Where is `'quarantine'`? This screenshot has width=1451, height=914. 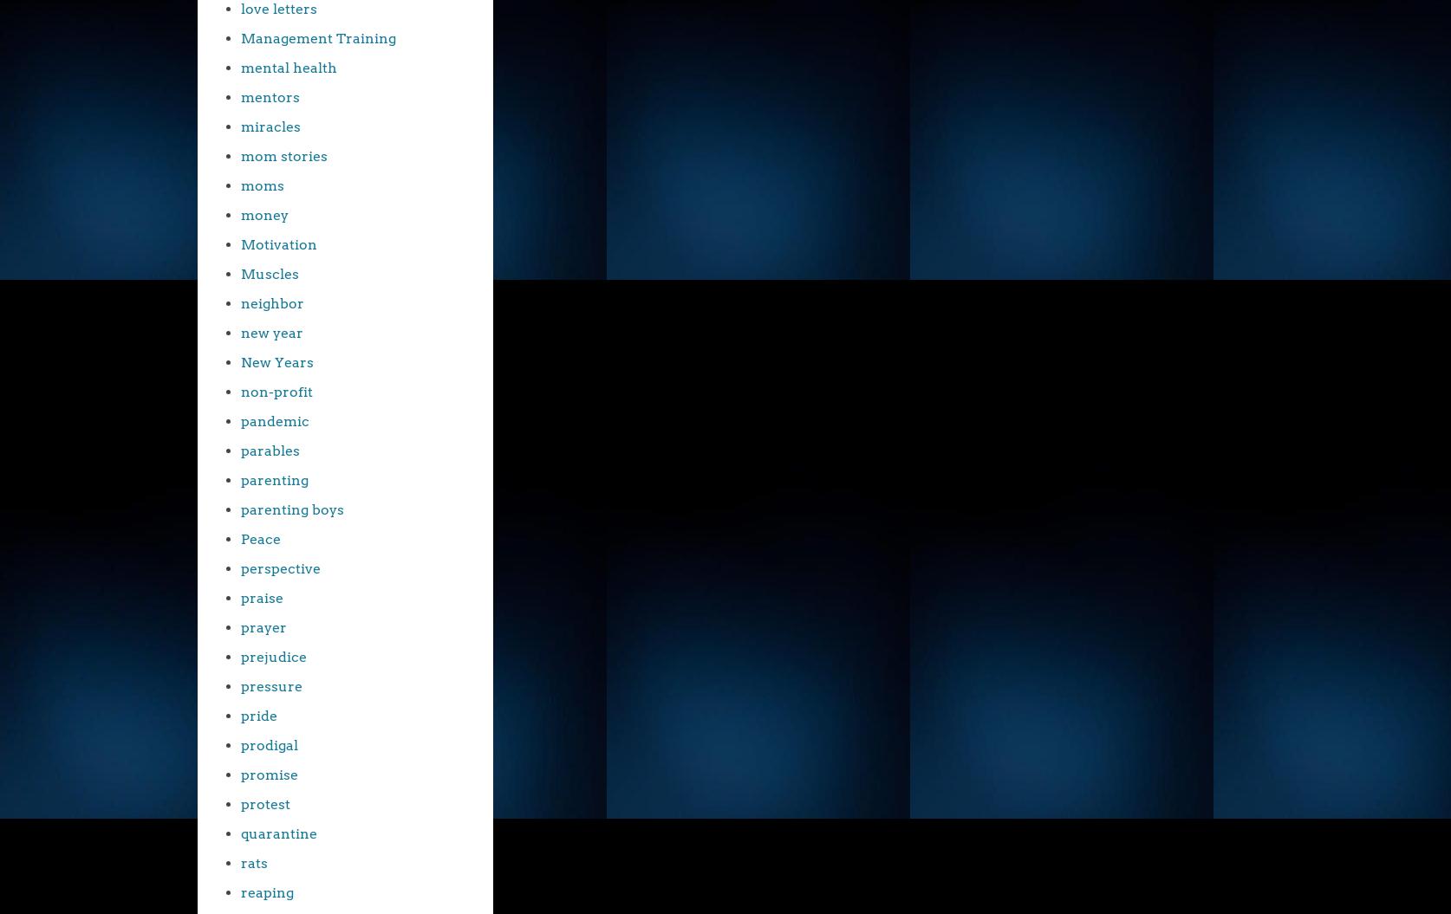
'quarantine' is located at coordinates (279, 833).